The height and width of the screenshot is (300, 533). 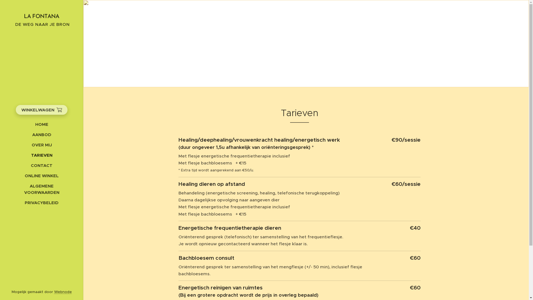 I want to click on 'OVER MIJ', so click(x=41, y=144).